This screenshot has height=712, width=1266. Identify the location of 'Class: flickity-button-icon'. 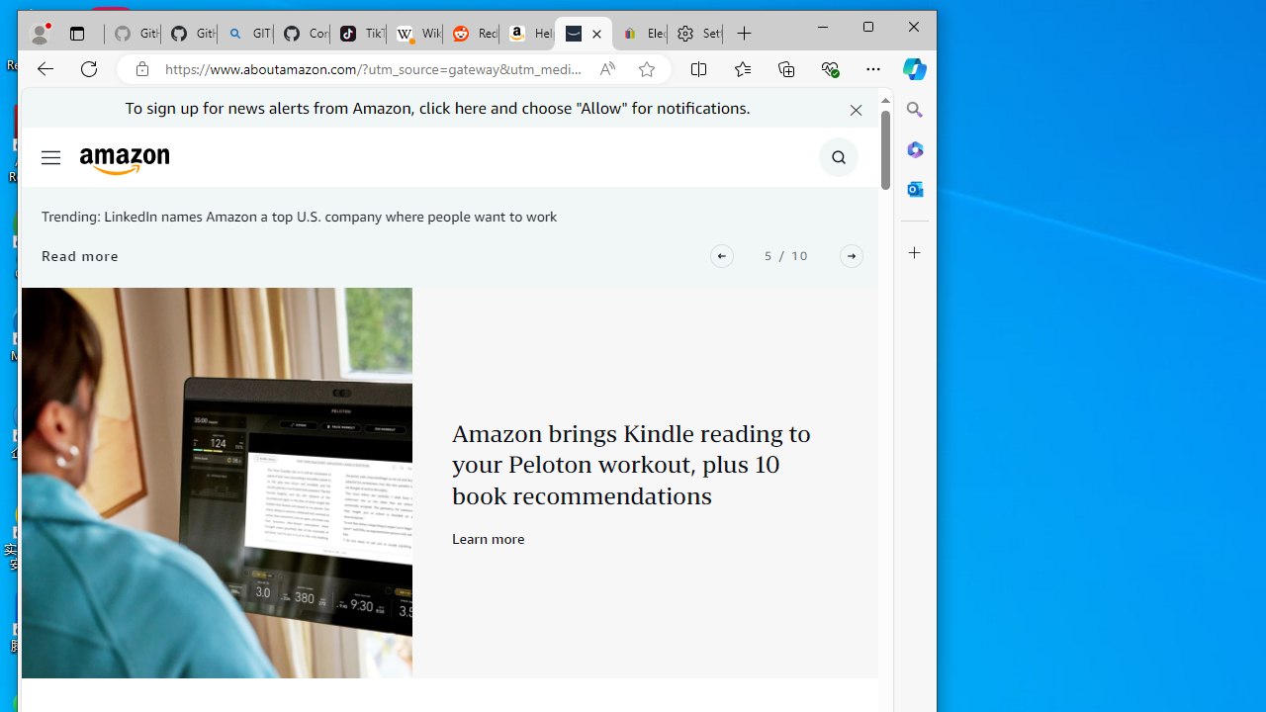
(852, 254).